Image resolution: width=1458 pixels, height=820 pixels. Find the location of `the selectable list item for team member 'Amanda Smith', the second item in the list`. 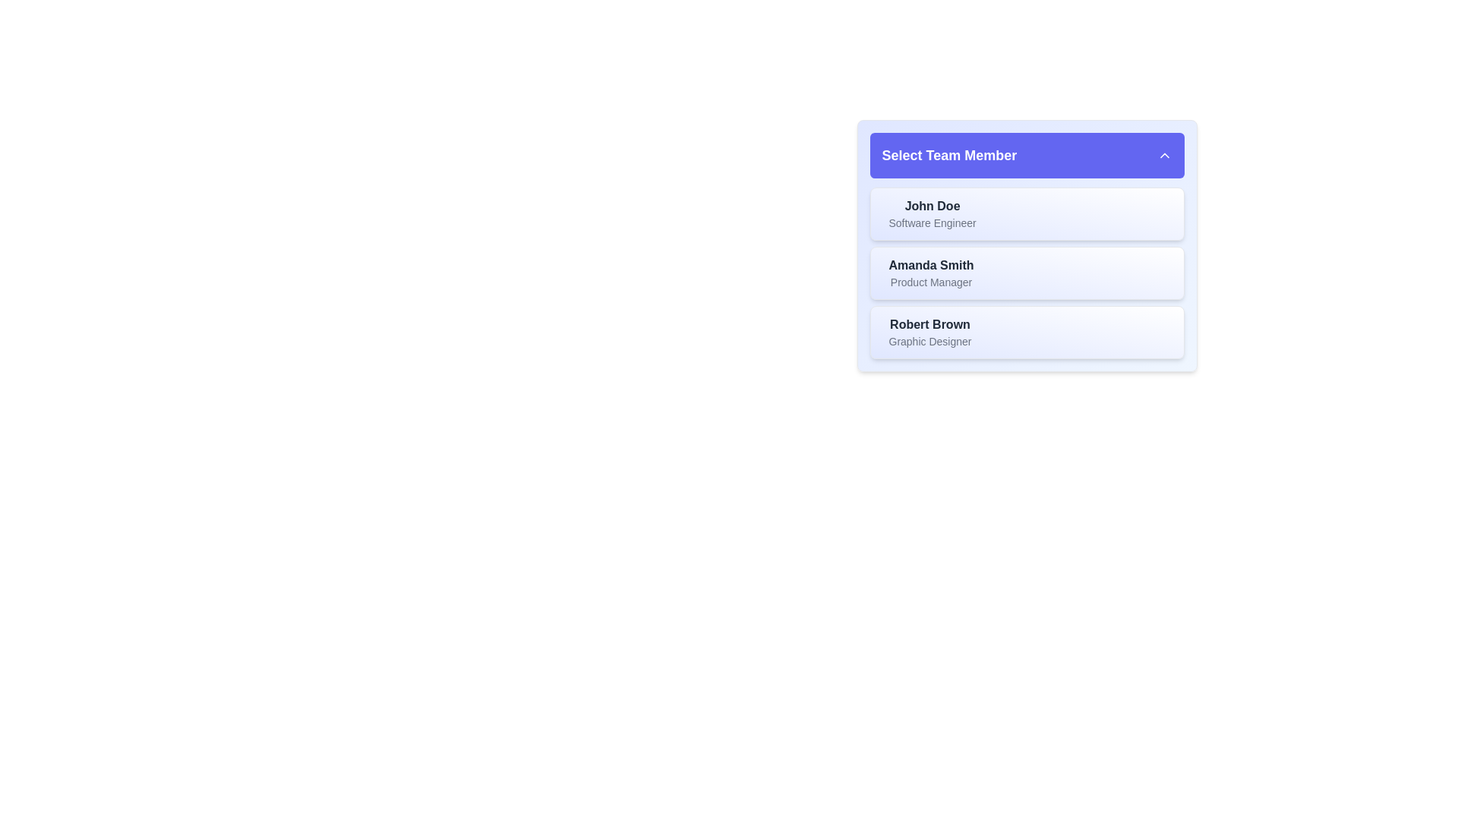

the selectable list item for team member 'Amanda Smith', the second item in the list is located at coordinates (1027, 245).